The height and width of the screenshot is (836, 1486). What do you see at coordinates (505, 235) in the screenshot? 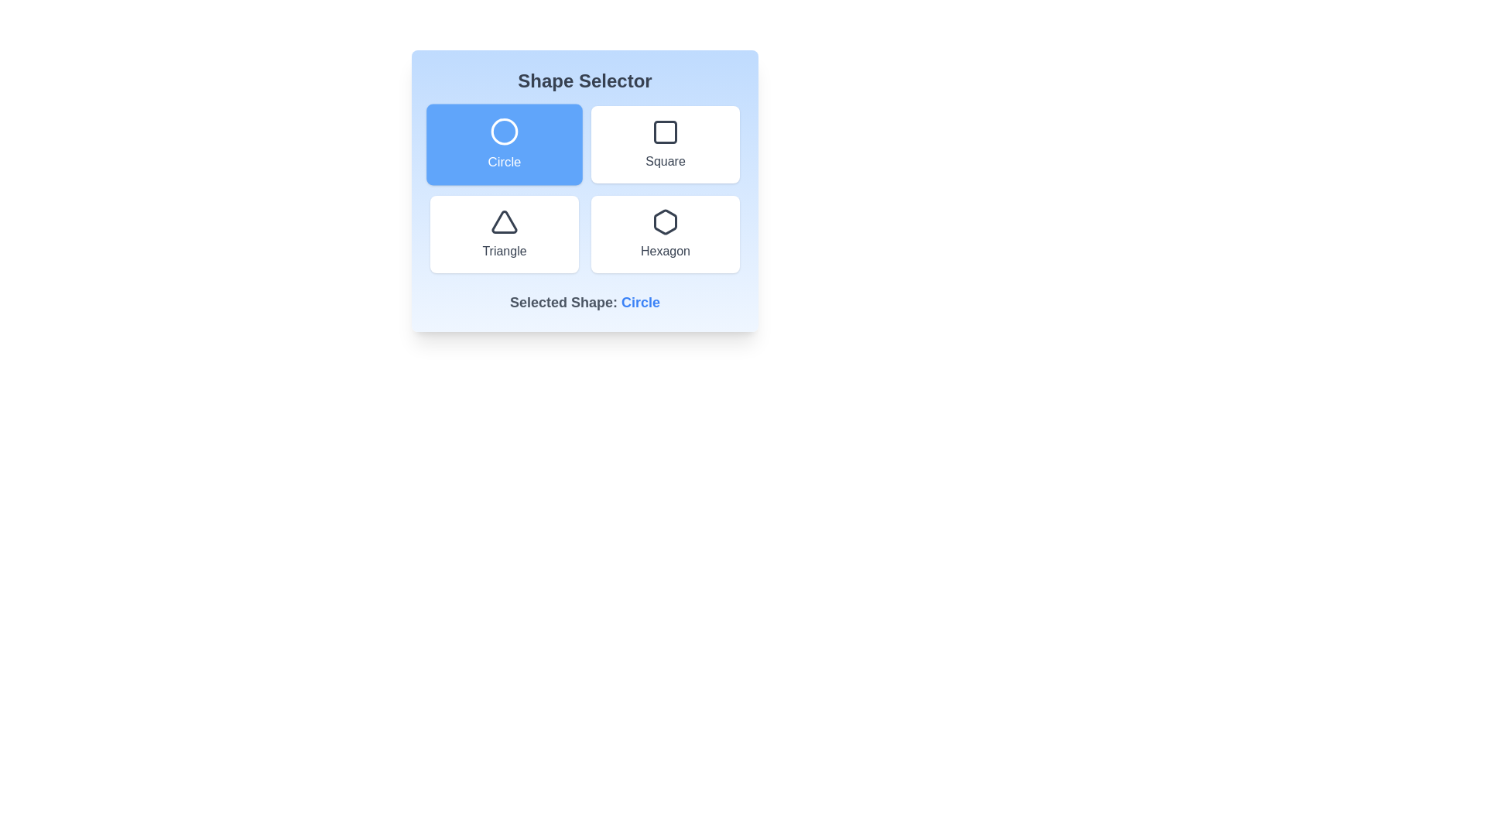
I see `the button corresponding to the shape Triangle to select it` at bounding box center [505, 235].